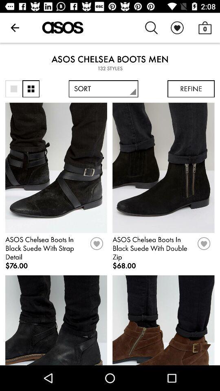 Image resolution: width=220 pixels, height=391 pixels. Describe the element at coordinates (103, 89) in the screenshot. I see `icon next to refine item` at that location.